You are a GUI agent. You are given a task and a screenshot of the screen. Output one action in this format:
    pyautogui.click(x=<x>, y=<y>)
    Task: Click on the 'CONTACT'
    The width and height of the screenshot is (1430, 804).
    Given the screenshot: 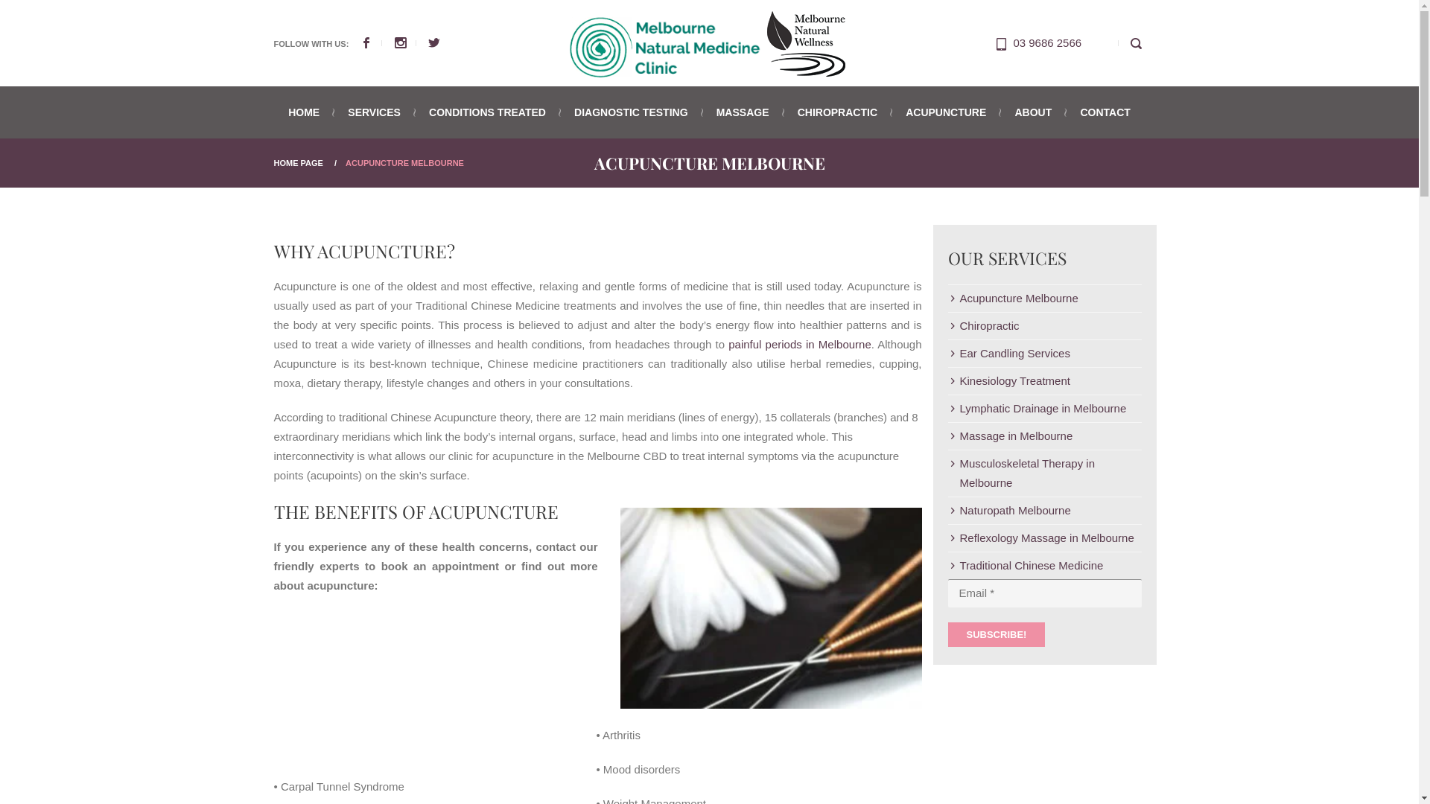 What is the action you would take?
    pyautogui.click(x=1067, y=111)
    